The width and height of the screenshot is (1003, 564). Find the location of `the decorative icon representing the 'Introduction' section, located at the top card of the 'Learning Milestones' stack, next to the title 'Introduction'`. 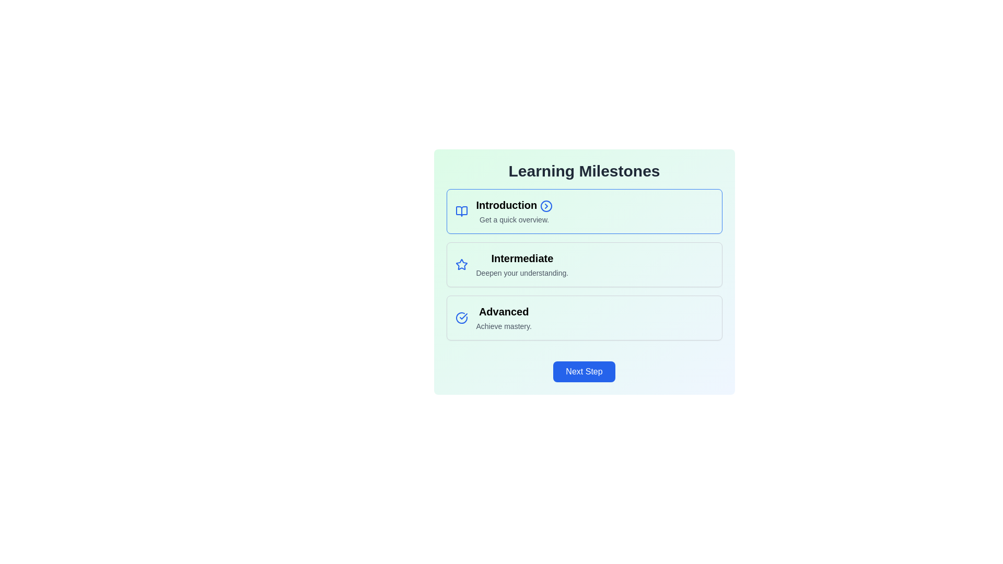

the decorative icon representing the 'Introduction' section, located at the top card of the 'Learning Milestones' stack, next to the title 'Introduction' is located at coordinates (461, 211).